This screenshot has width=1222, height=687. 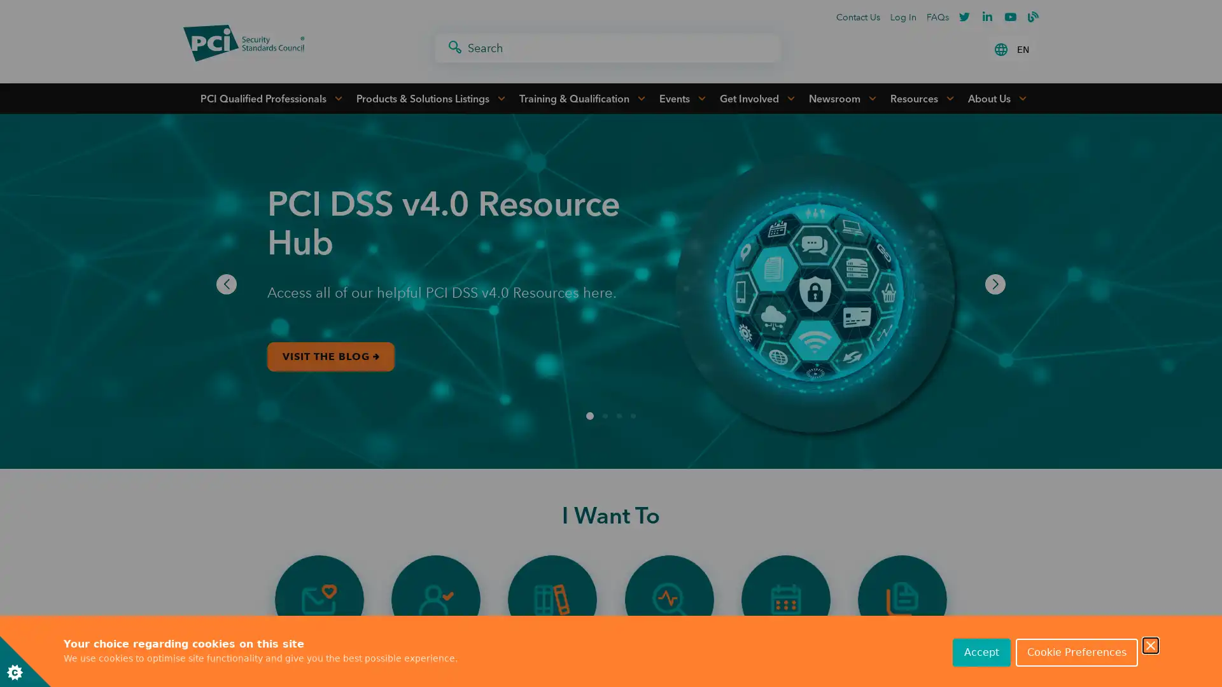 What do you see at coordinates (633, 416) in the screenshot?
I see `Go to slide 4` at bounding box center [633, 416].